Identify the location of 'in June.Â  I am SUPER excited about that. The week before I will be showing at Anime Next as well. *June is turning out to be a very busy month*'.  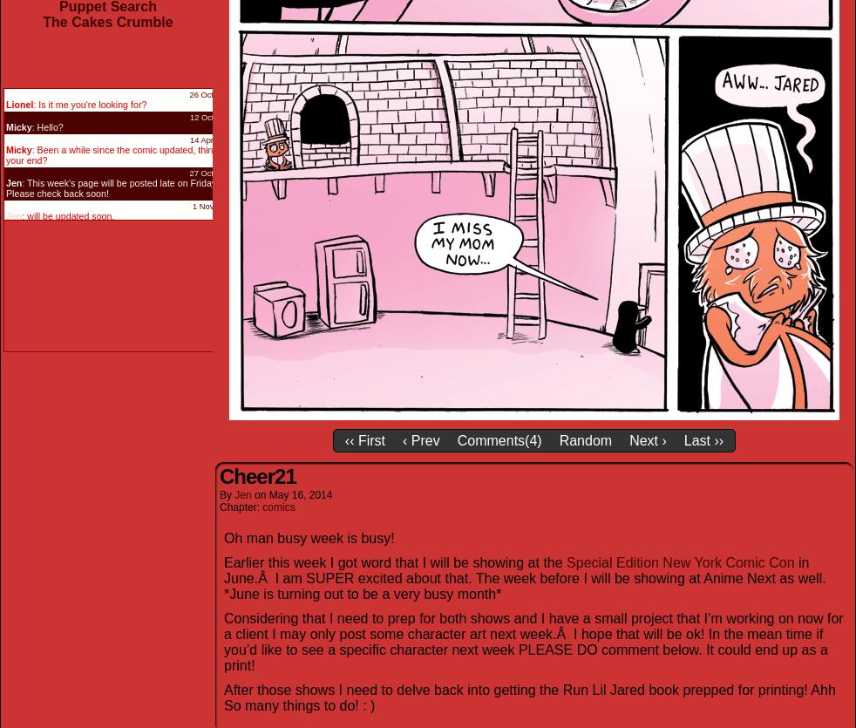
(223, 576).